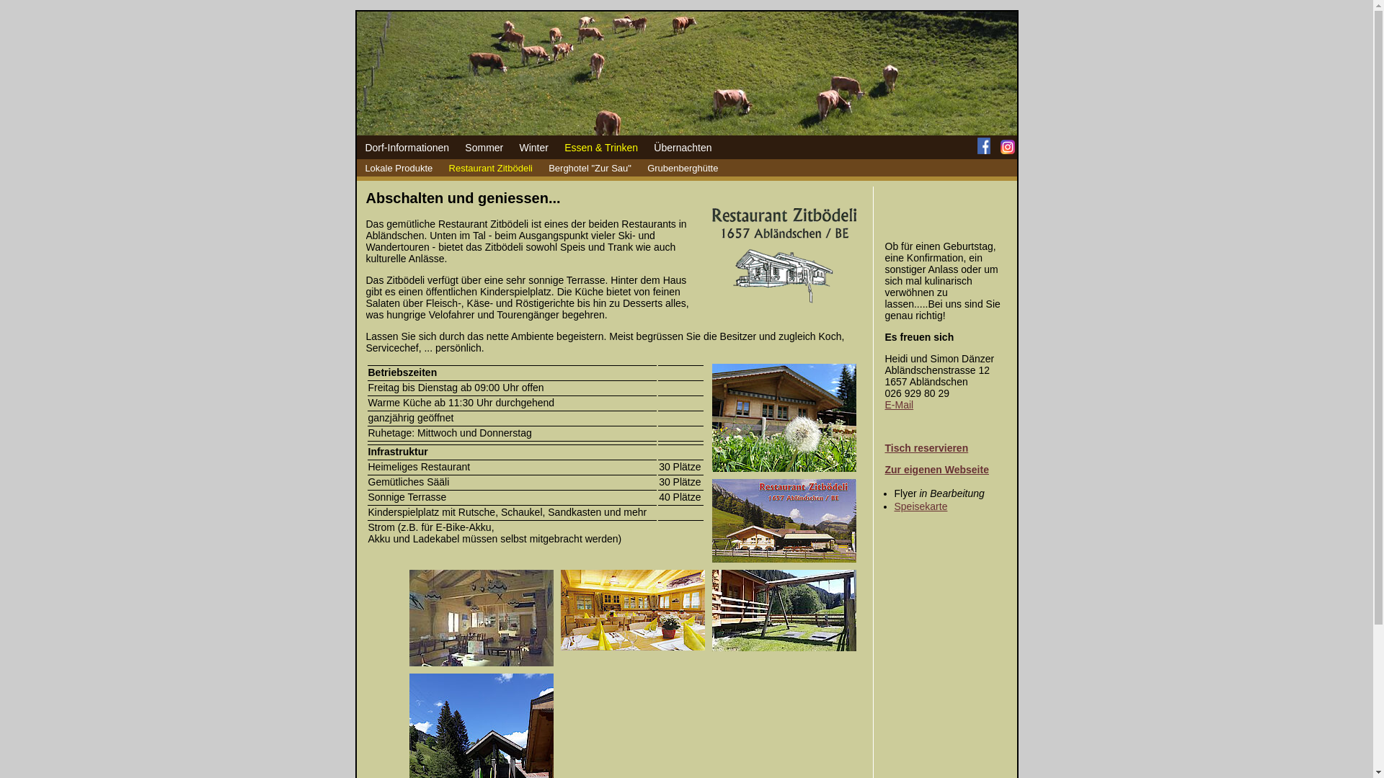 This screenshot has height=778, width=1384. I want to click on 'Essen & Trinken', so click(601, 147).